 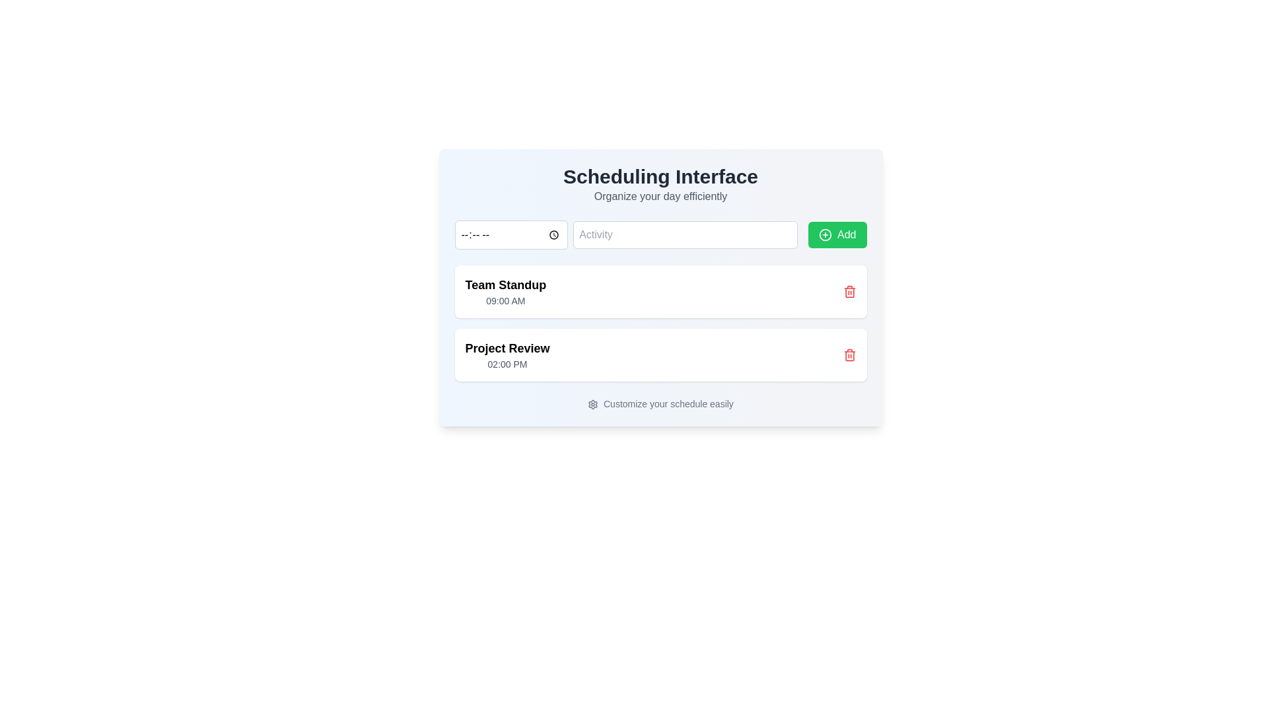 What do you see at coordinates (592, 404) in the screenshot?
I see `the gear-shaped icon next to the text 'Customize your schedule easily' to interact with settings` at bounding box center [592, 404].